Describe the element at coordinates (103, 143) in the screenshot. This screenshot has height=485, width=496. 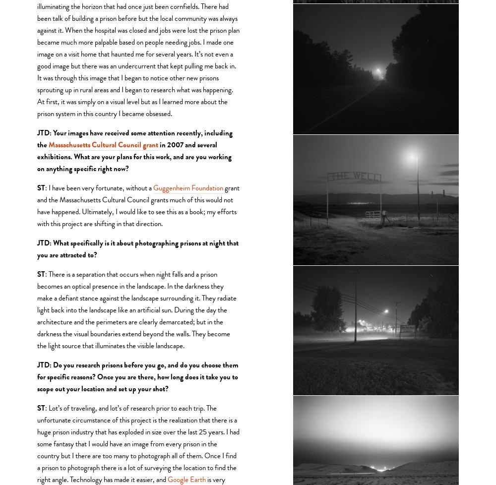
I see `'Massachusetts Cultural Council grant'` at that location.